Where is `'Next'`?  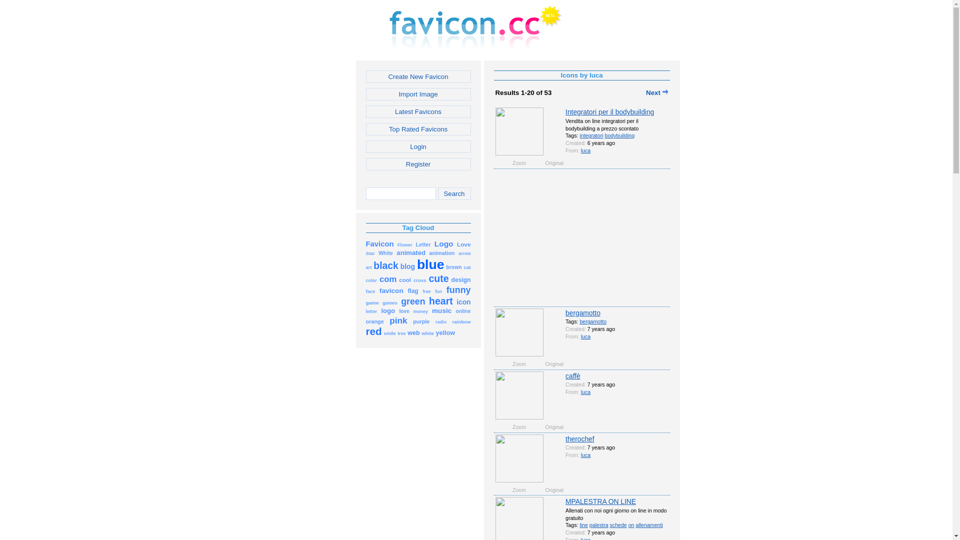 'Next' is located at coordinates (657, 92).